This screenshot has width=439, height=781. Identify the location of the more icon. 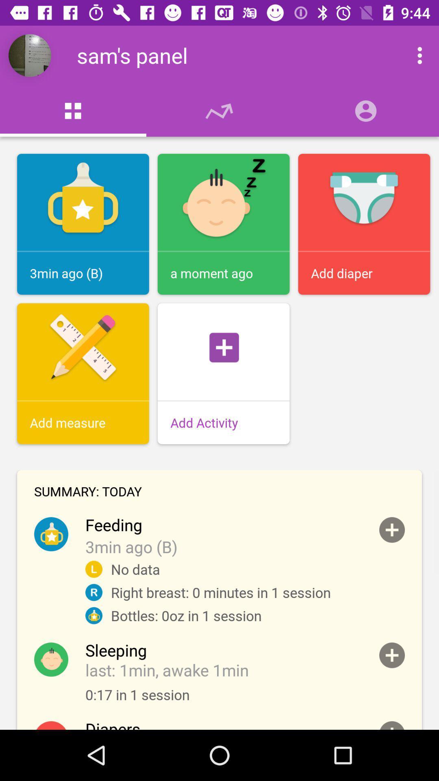
(411, 55).